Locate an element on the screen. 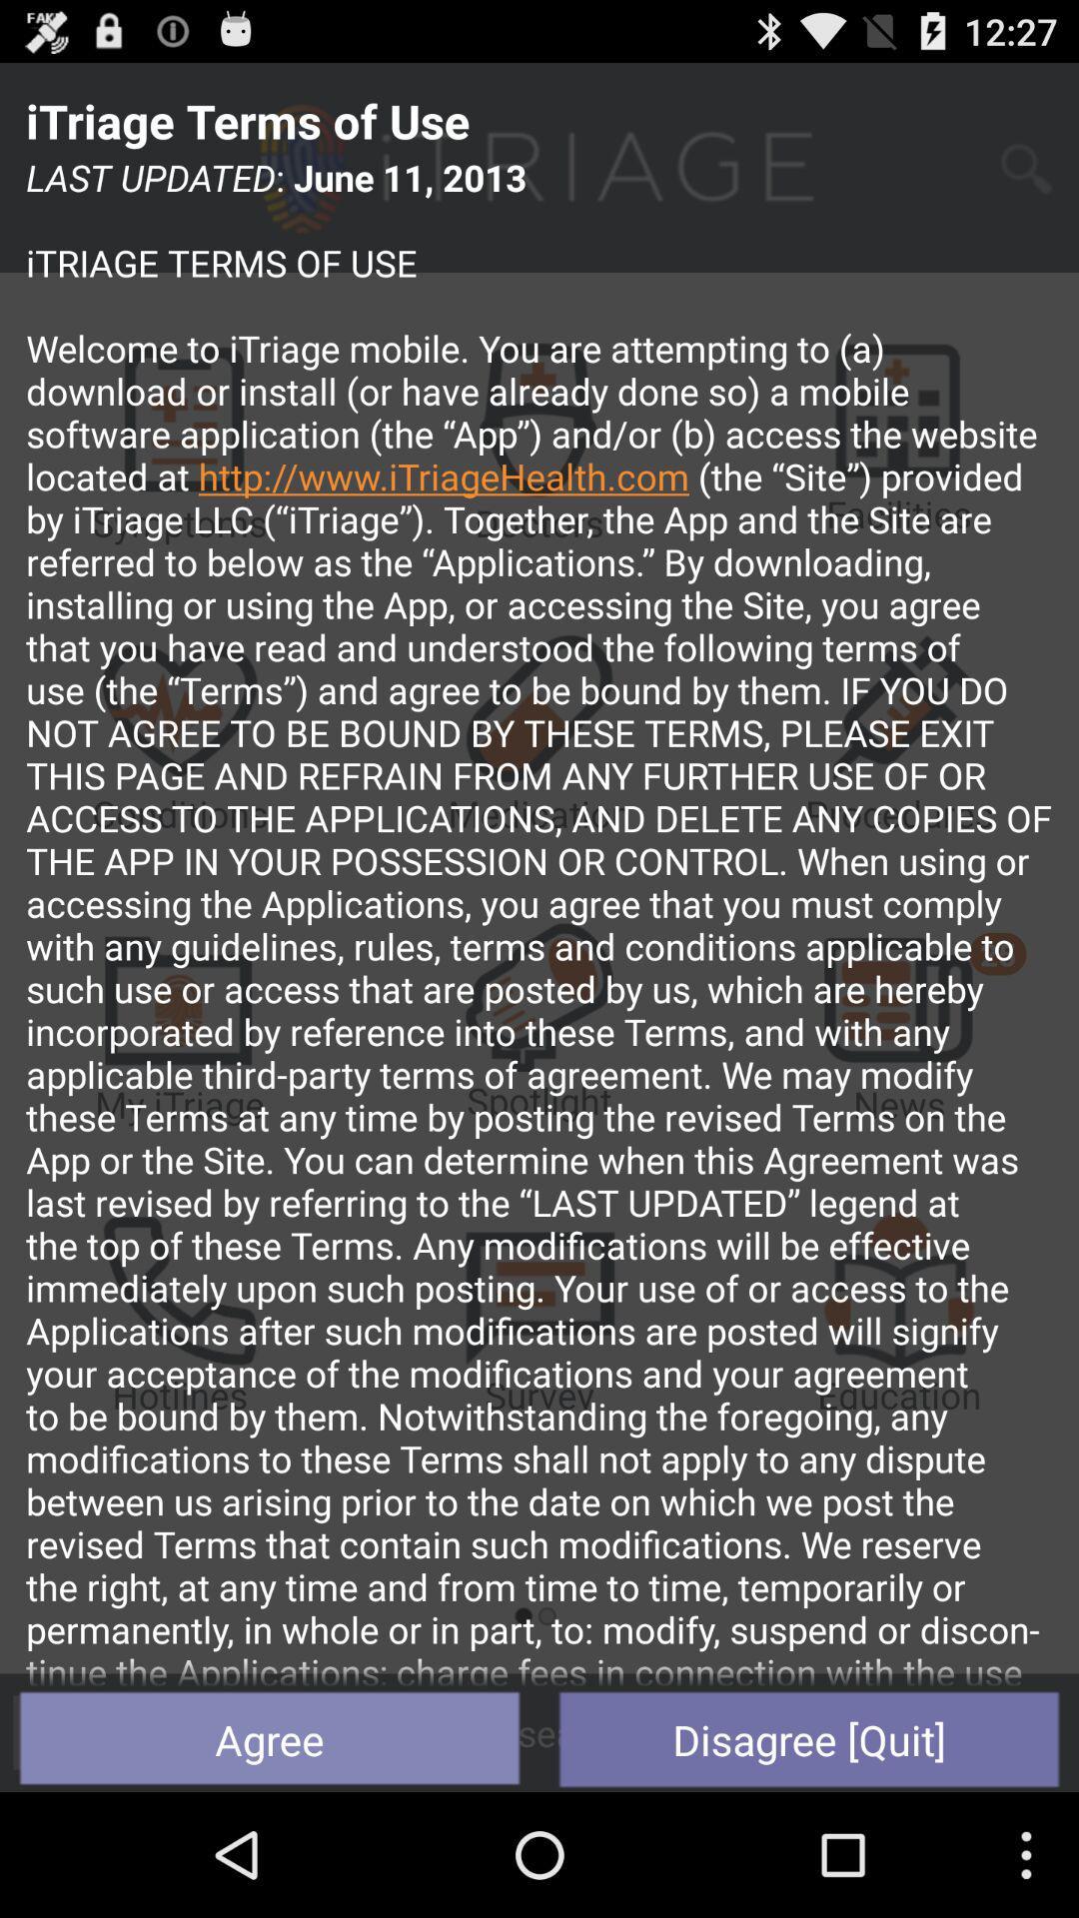 The image size is (1079, 1918). disagree [quit] is located at coordinates (809, 1738).